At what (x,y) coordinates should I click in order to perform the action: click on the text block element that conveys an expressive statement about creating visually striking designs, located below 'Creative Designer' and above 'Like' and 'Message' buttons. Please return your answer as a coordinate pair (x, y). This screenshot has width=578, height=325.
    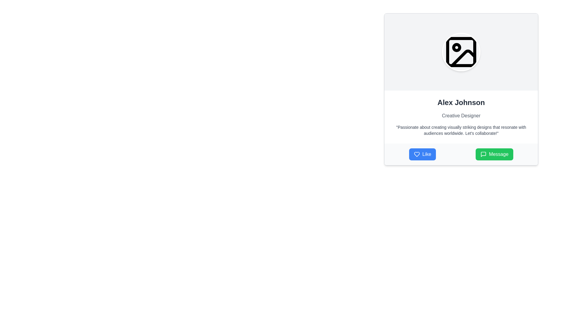
    Looking at the image, I should click on (461, 130).